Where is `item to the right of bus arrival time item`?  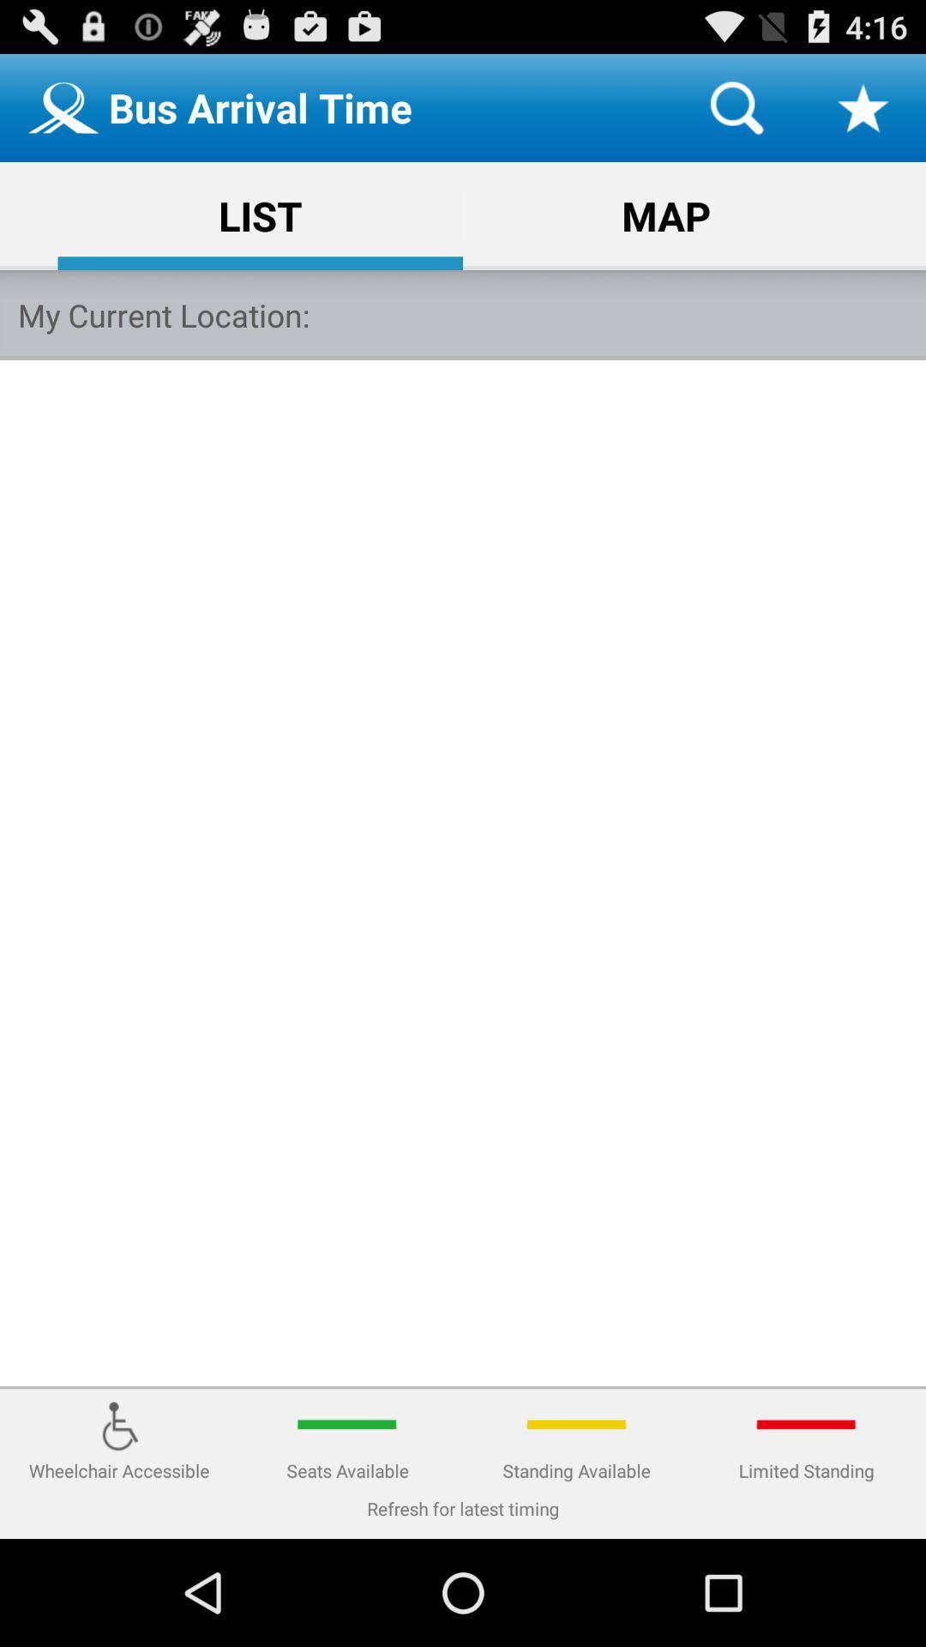 item to the right of bus arrival time item is located at coordinates (736, 106).